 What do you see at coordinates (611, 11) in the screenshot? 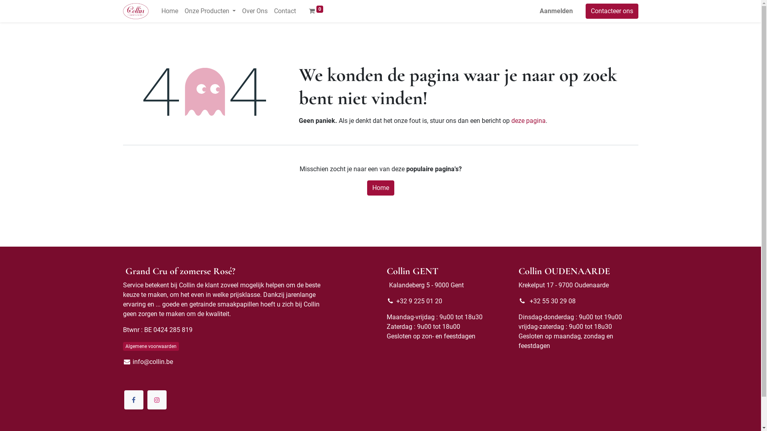
I see `'Contacteer ons'` at bounding box center [611, 11].